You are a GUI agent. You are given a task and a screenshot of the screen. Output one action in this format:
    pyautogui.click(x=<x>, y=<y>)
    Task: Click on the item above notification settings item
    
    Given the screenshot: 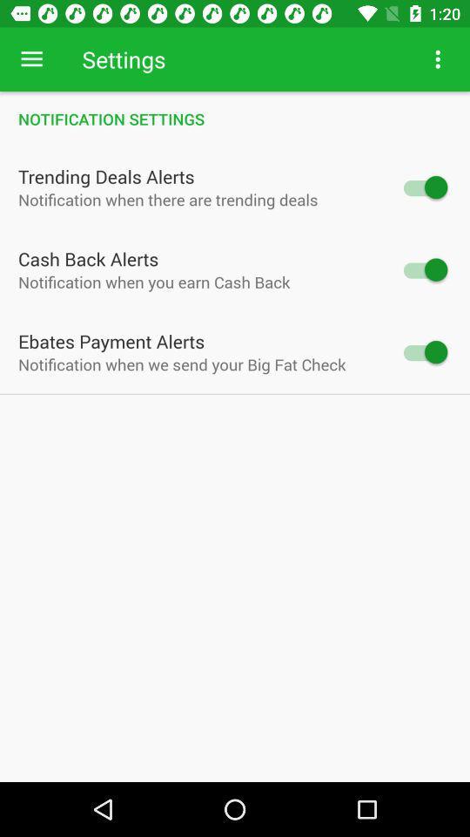 What is the action you would take?
    pyautogui.click(x=437, y=59)
    